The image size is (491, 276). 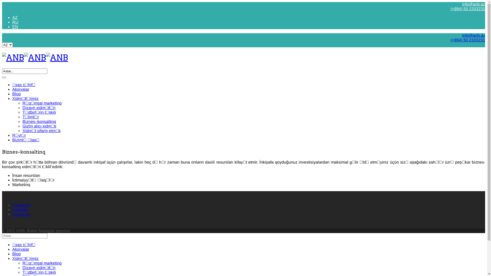 I want to click on 'Axtar', so click(x=2, y=77).